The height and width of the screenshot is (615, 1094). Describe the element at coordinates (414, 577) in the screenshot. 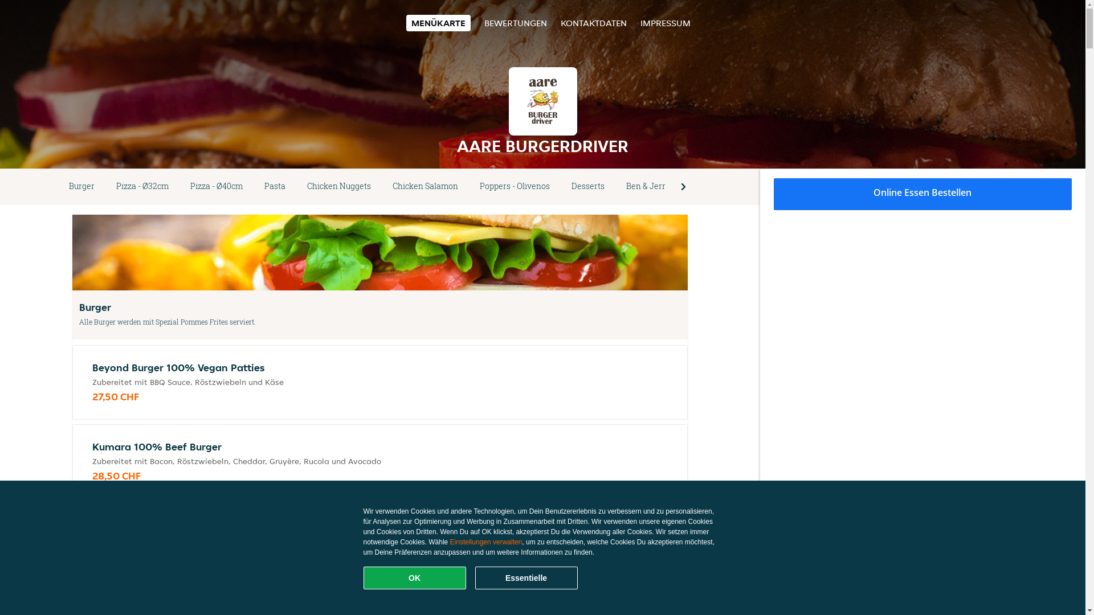

I see `'OK'` at that location.